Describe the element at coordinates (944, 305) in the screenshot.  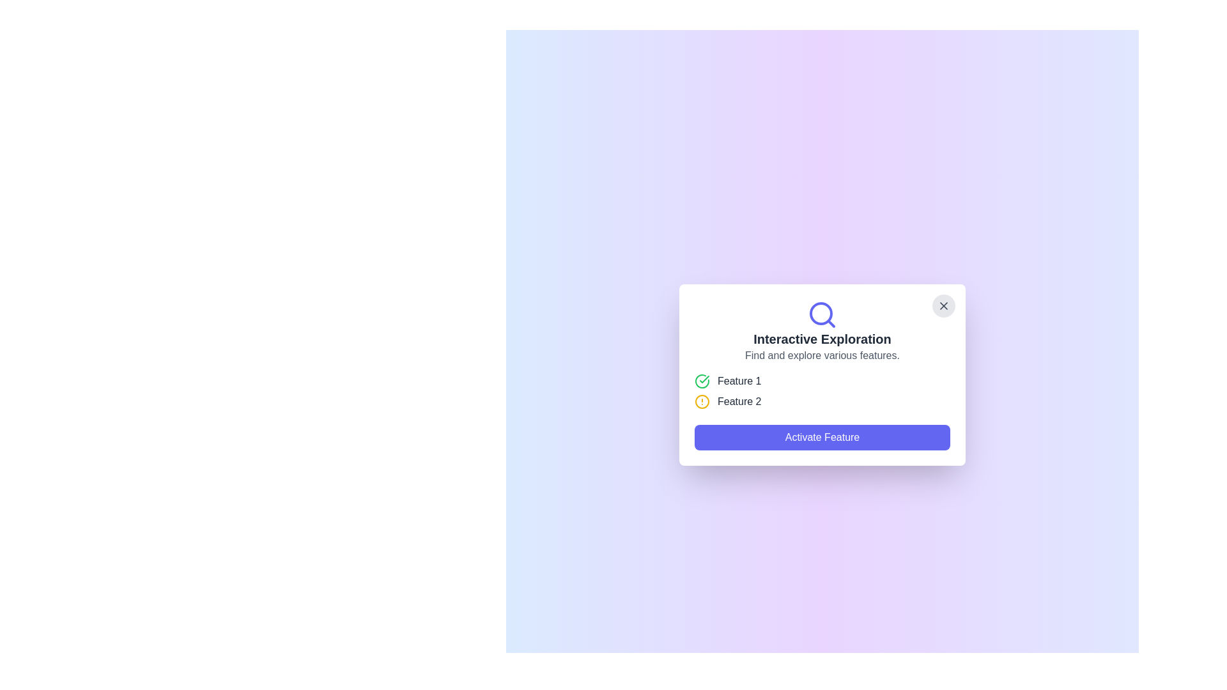
I see `the close button, which is represented by a cross icon styled as an 'X' located at the top-right corner of the modal interface` at that location.